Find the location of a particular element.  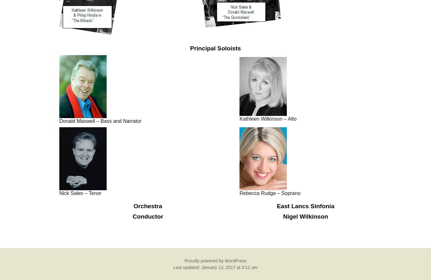

'Nigel Wilkinson' is located at coordinates (283, 216).